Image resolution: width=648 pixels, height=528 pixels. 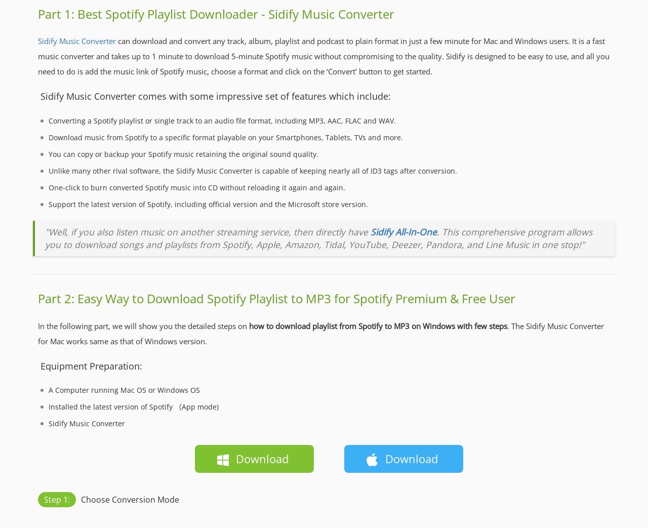 I want to click on 'One-click to burn converted Spotify music into CD without reloading it again and again.', so click(x=196, y=187).